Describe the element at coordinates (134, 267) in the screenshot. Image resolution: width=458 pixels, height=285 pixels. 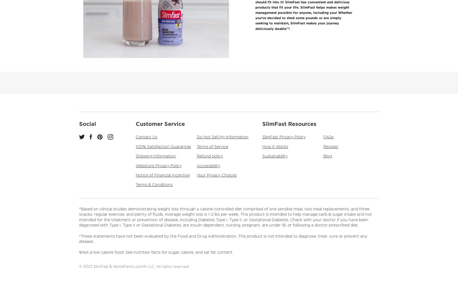
I see `'© 
          2023
         SlimFast & WorldPantry.com® LLC. All rights reserved.'` at that location.